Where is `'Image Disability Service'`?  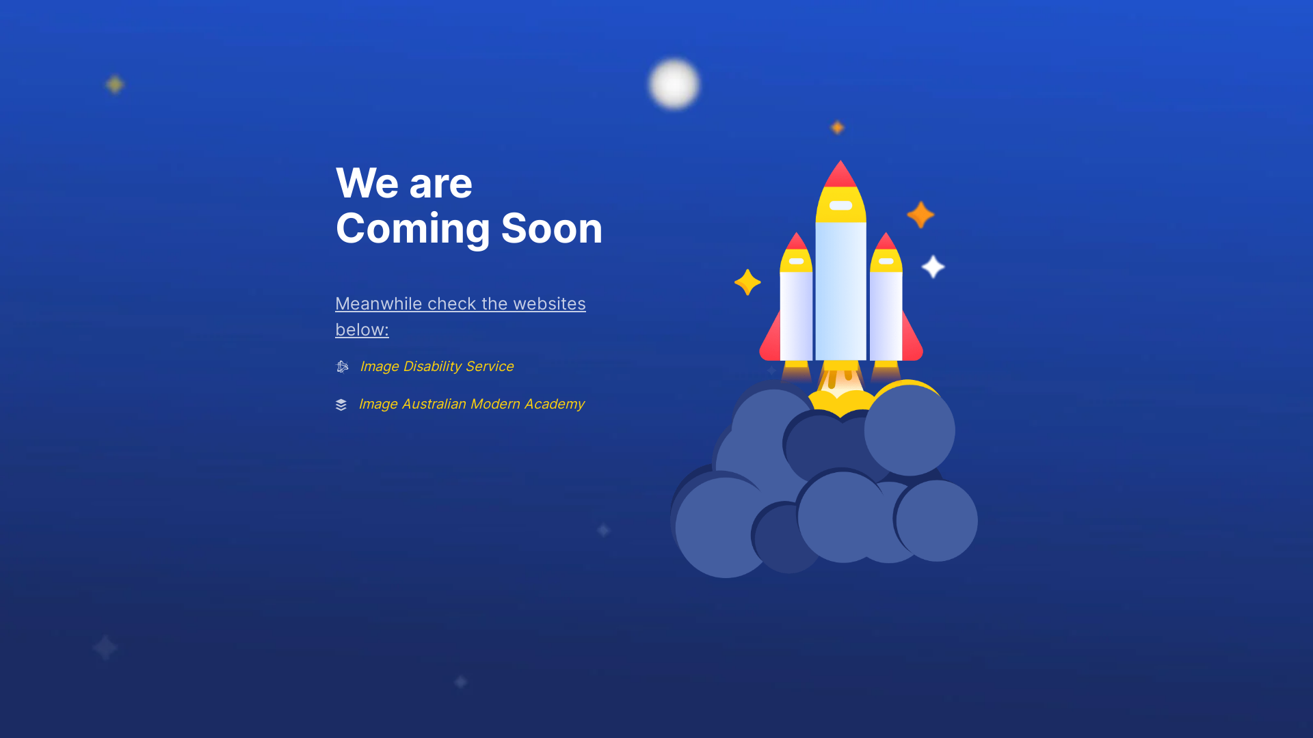
'Image Disability Service' is located at coordinates (436, 366).